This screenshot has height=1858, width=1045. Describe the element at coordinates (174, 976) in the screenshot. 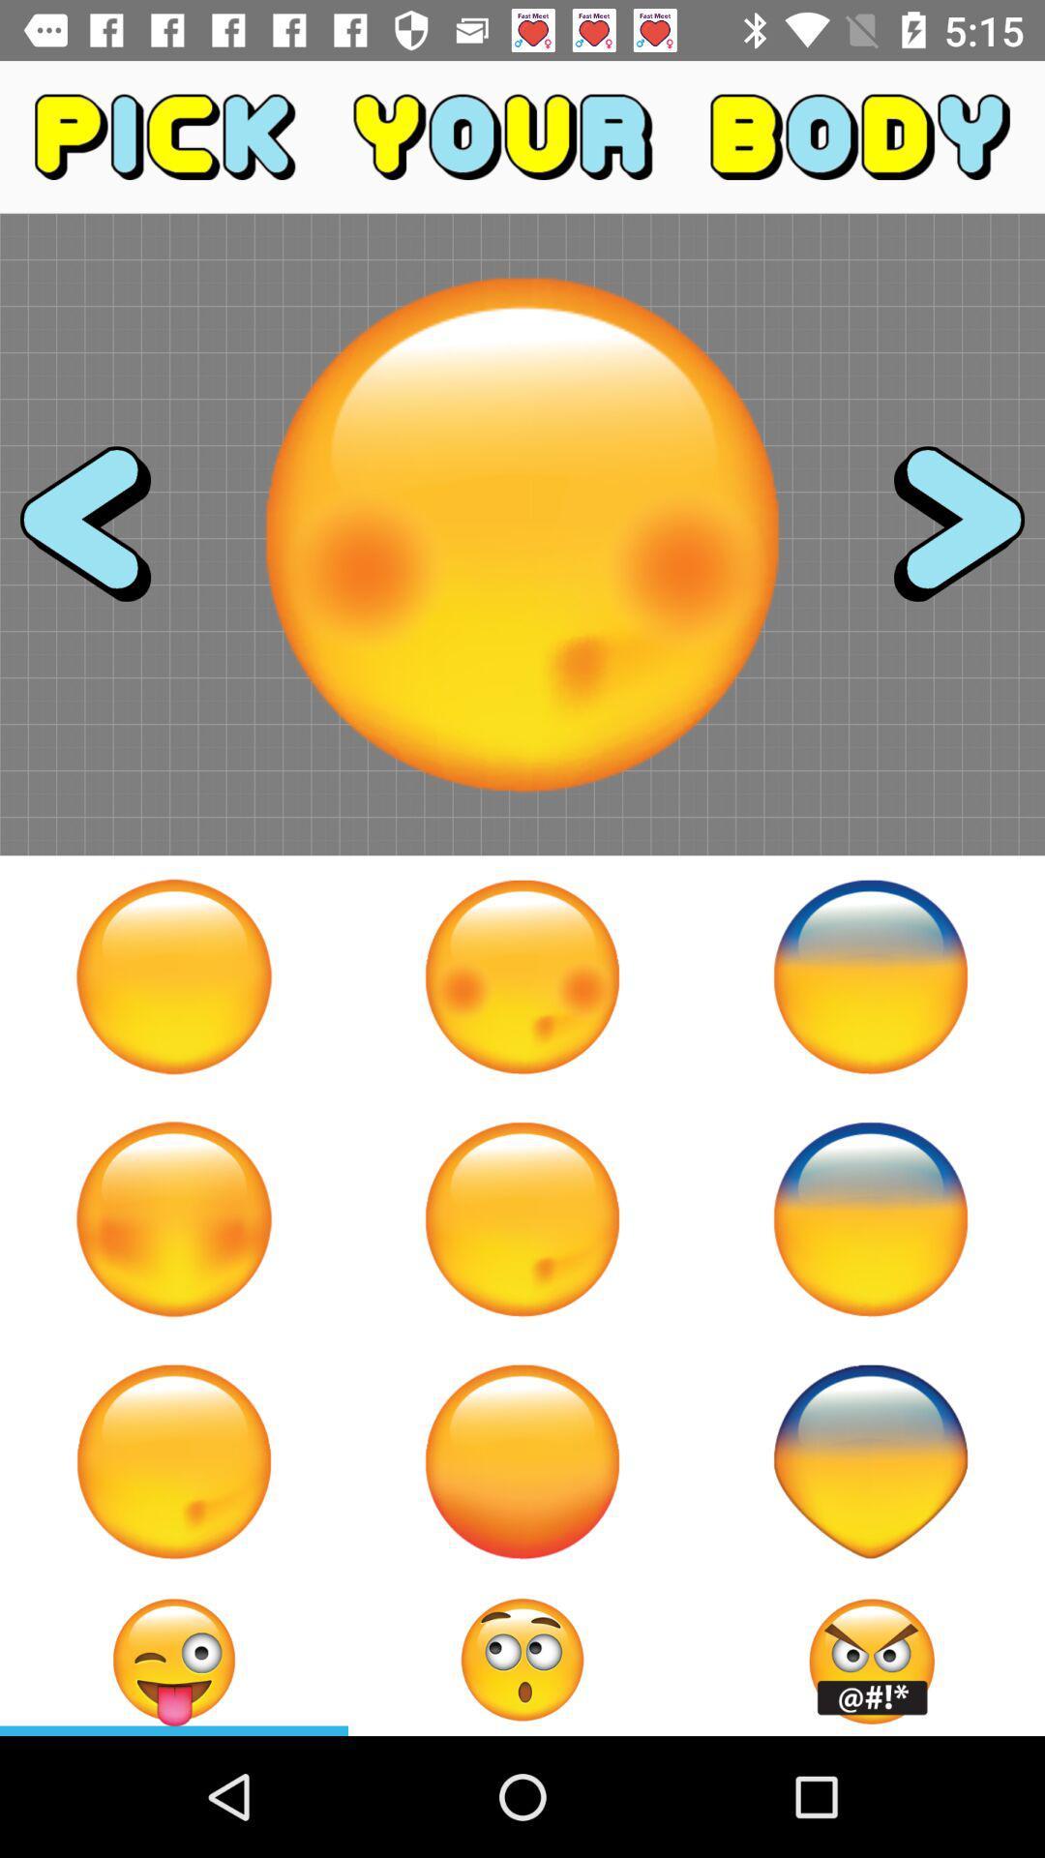

I see `body` at that location.